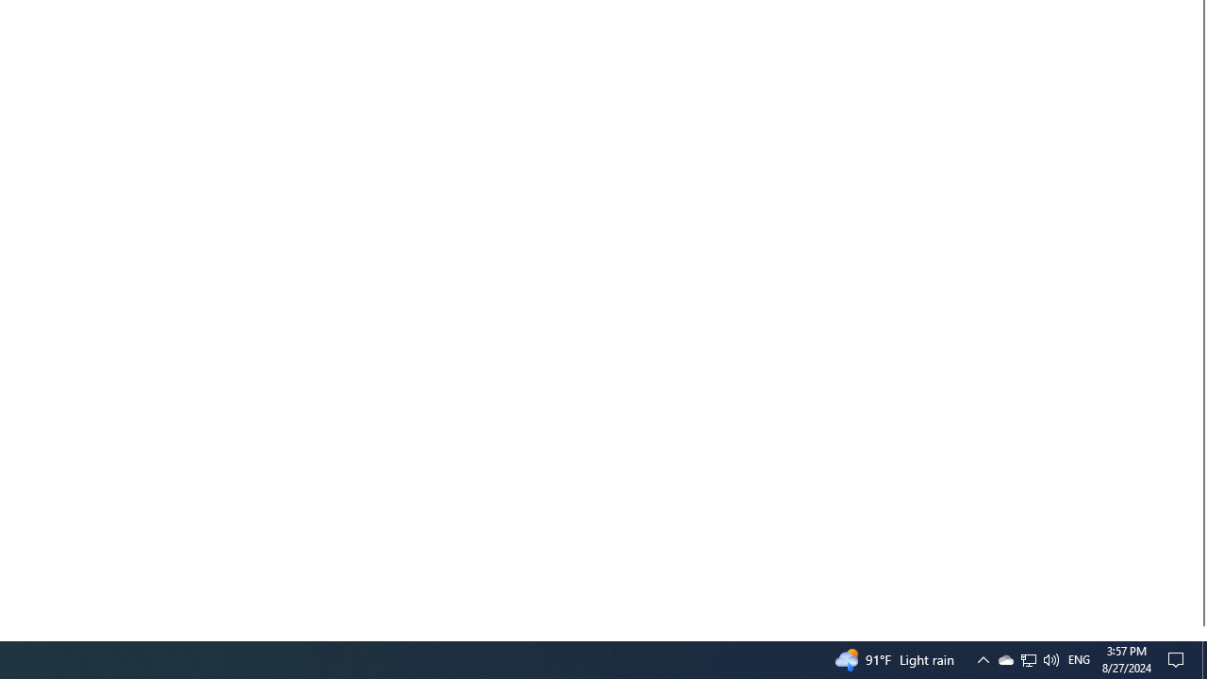 This screenshot has height=679, width=1207. What do you see at coordinates (1028, 658) in the screenshot?
I see `'User Promoted Notification Area'` at bounding box center [1028, 658].